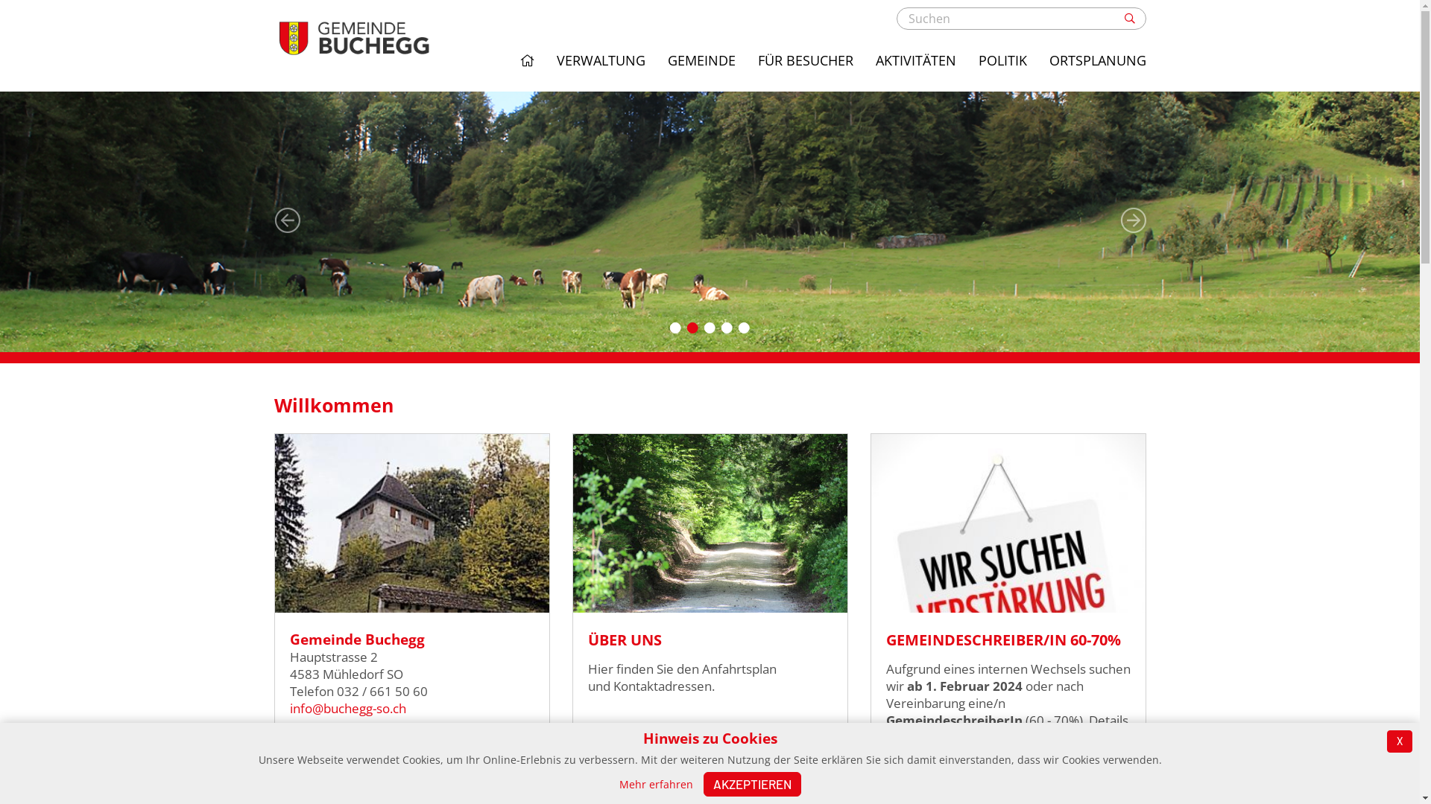 The height and width of the screenshot is (804, 1431). What do you see at coordinates (555, 60) in the screenshot?
I see `'VERWALTUNG'` at bounding box center [555, 60].